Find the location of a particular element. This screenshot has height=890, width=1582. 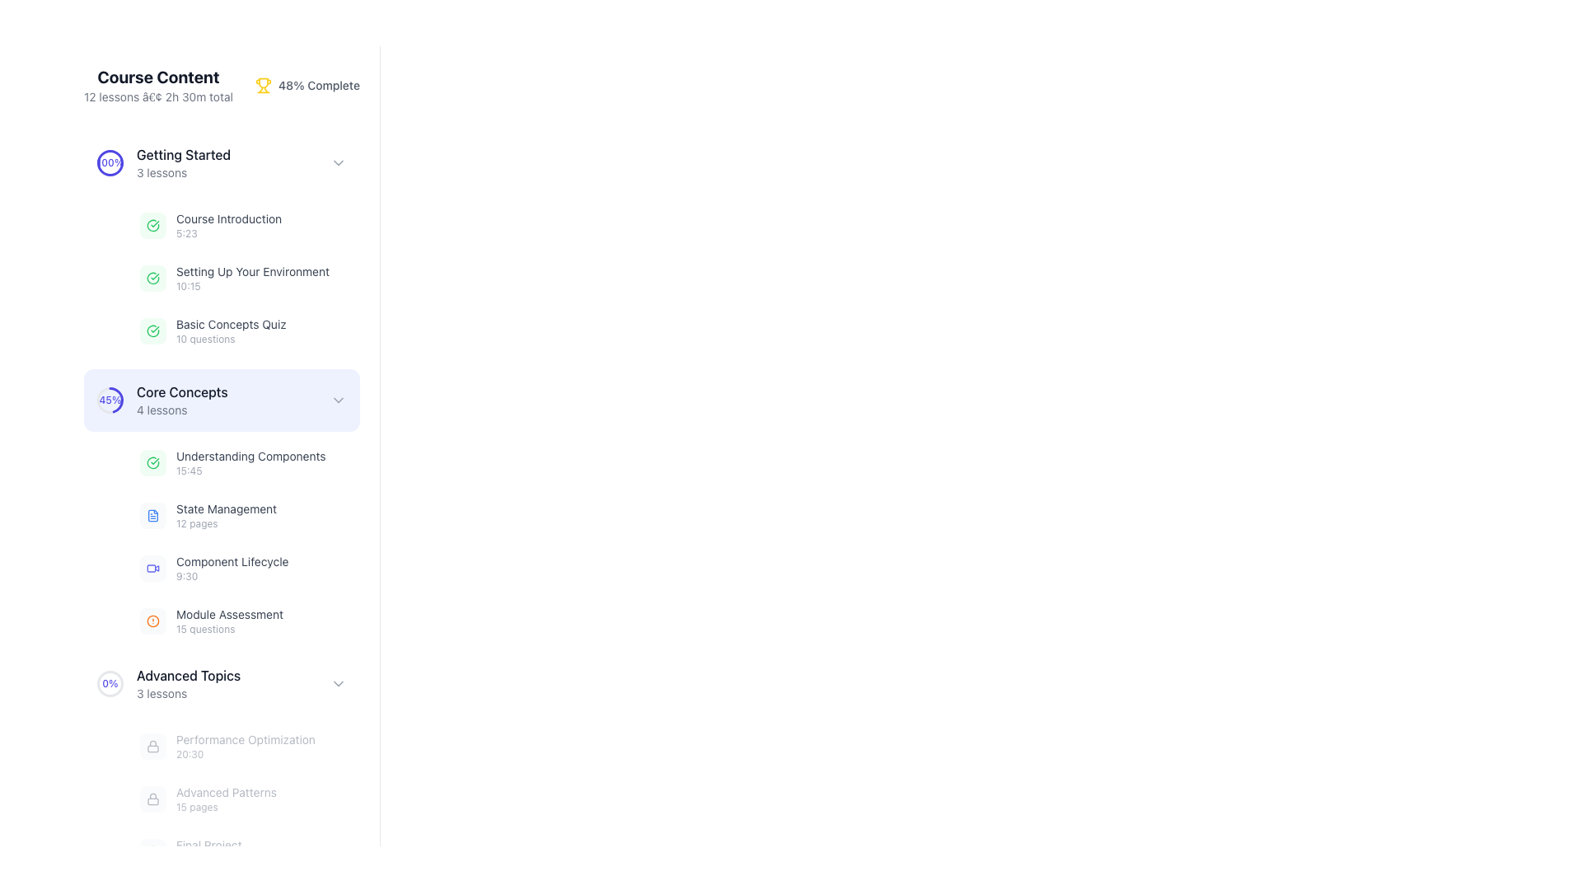

the static text element displaying '4 lessons' located beneath the 'Core Concepts' heading in the 'Course Content' sidebar is located at coordinates (182, 409).